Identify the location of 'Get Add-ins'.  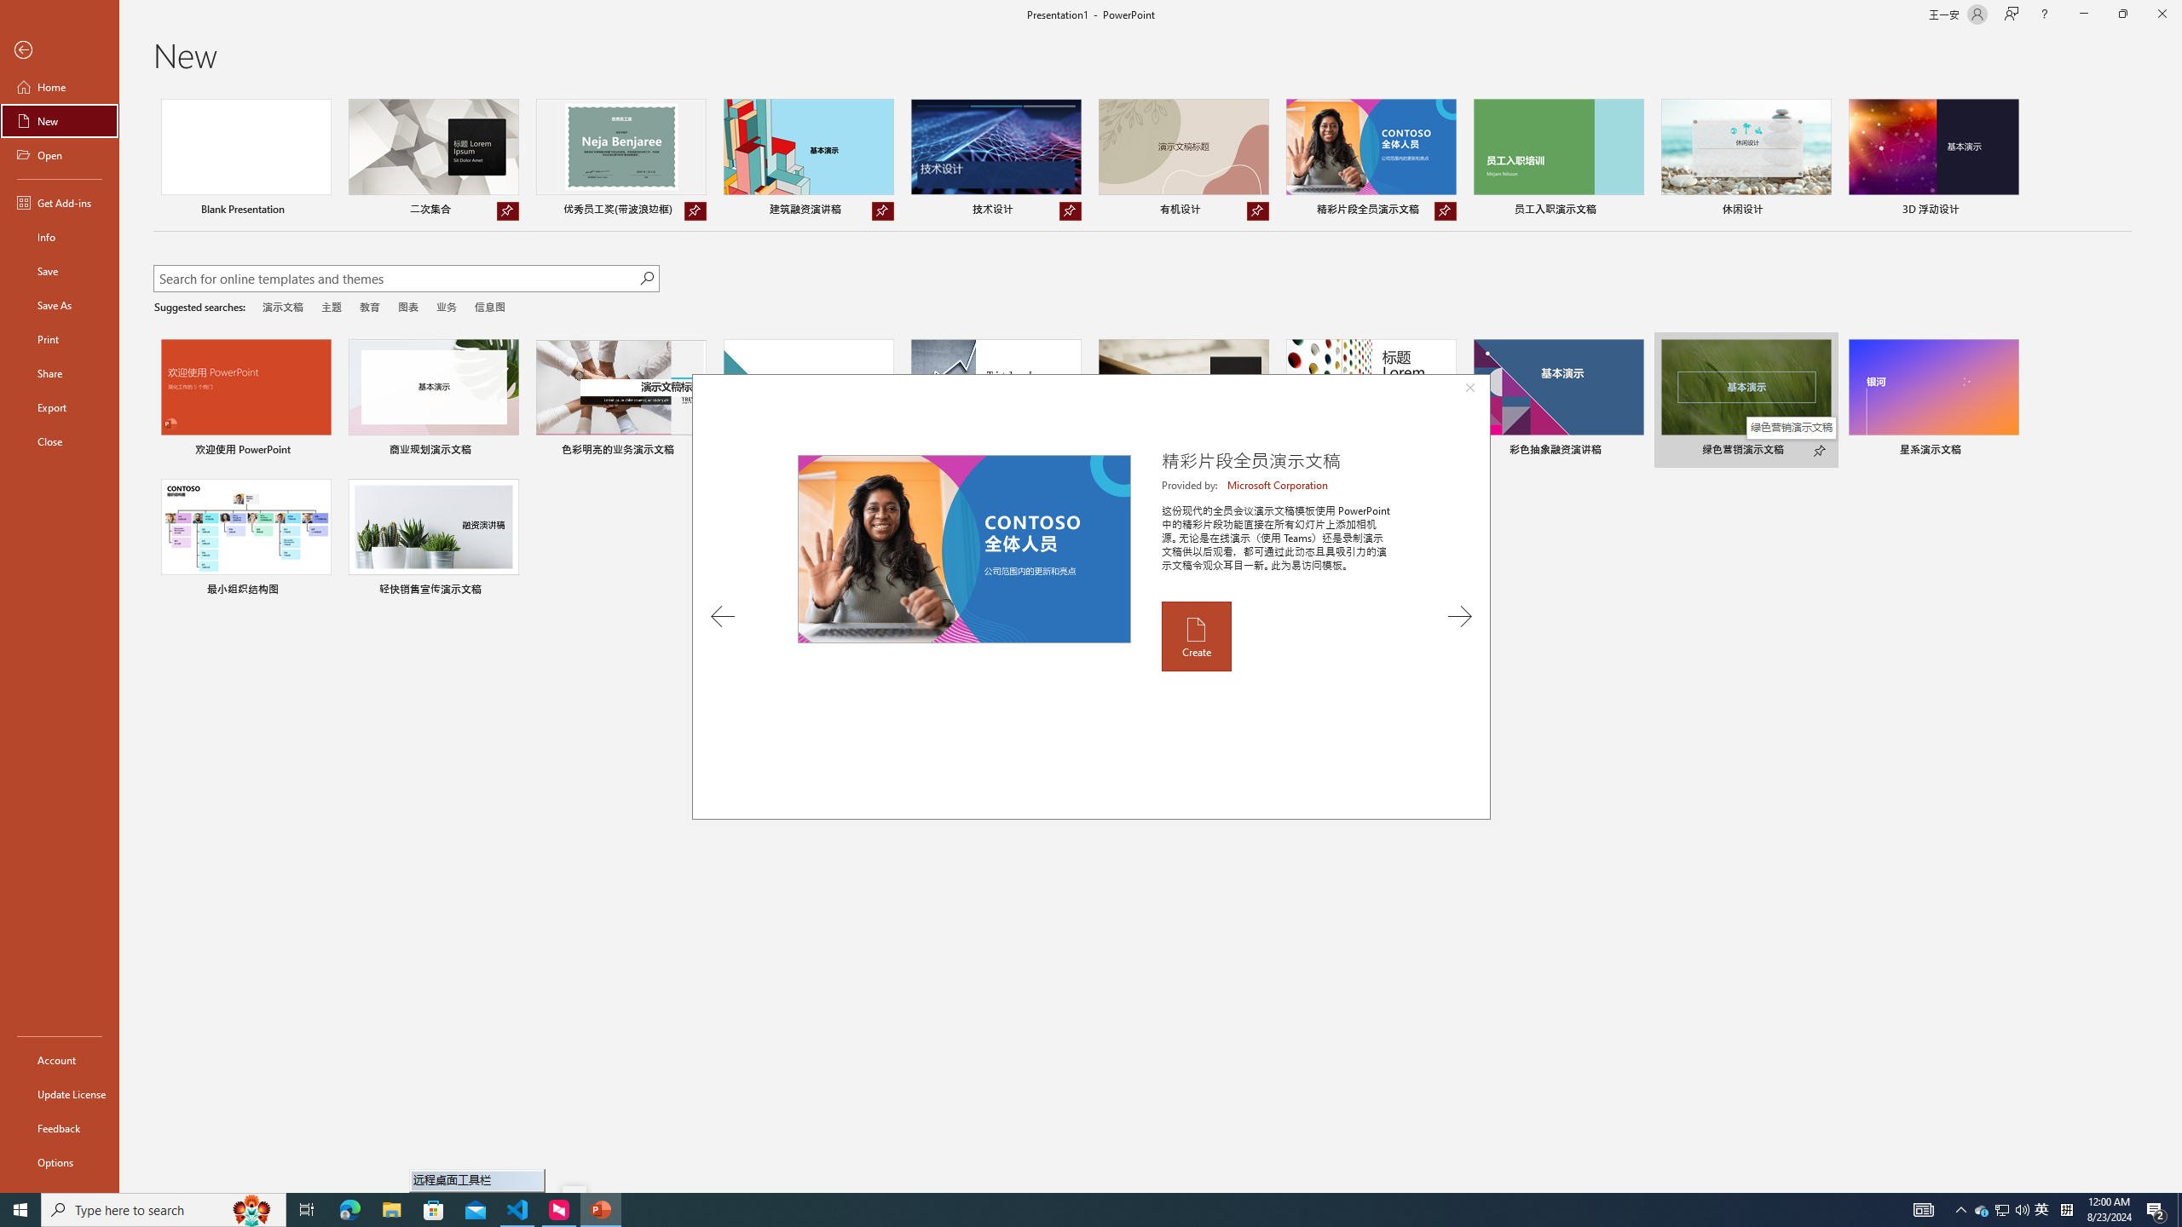
(59, 202).